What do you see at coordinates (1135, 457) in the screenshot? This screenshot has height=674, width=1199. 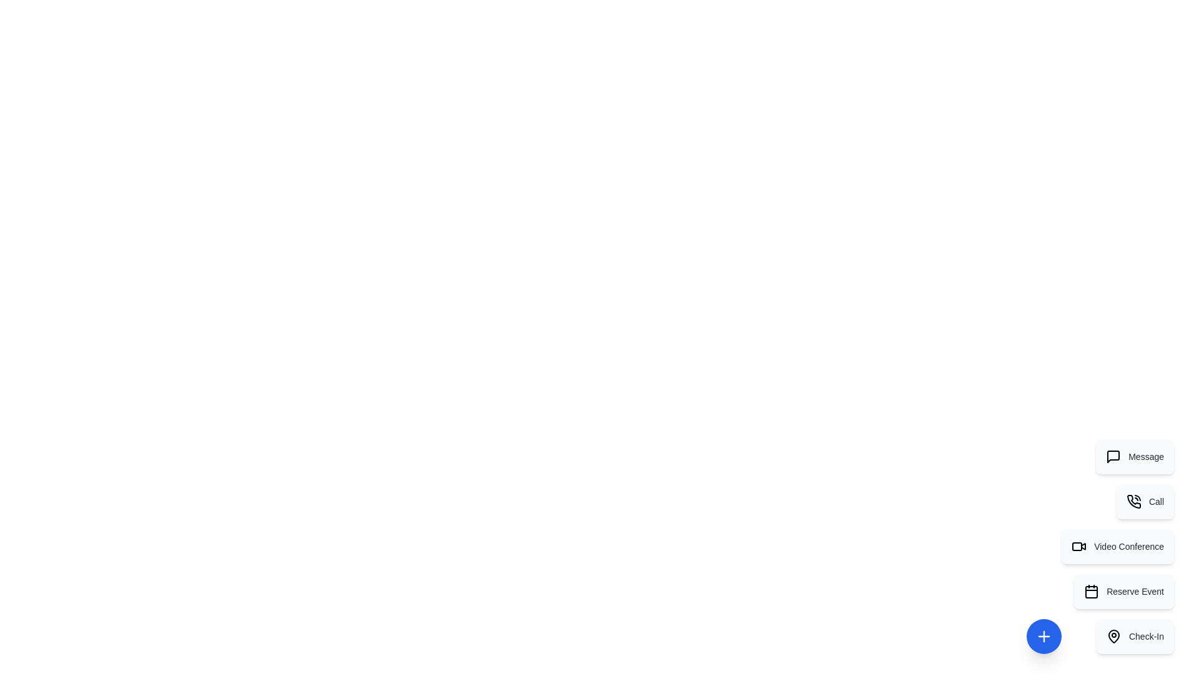 I see `the action item labeled Message` at bounding box center [1135, 457].